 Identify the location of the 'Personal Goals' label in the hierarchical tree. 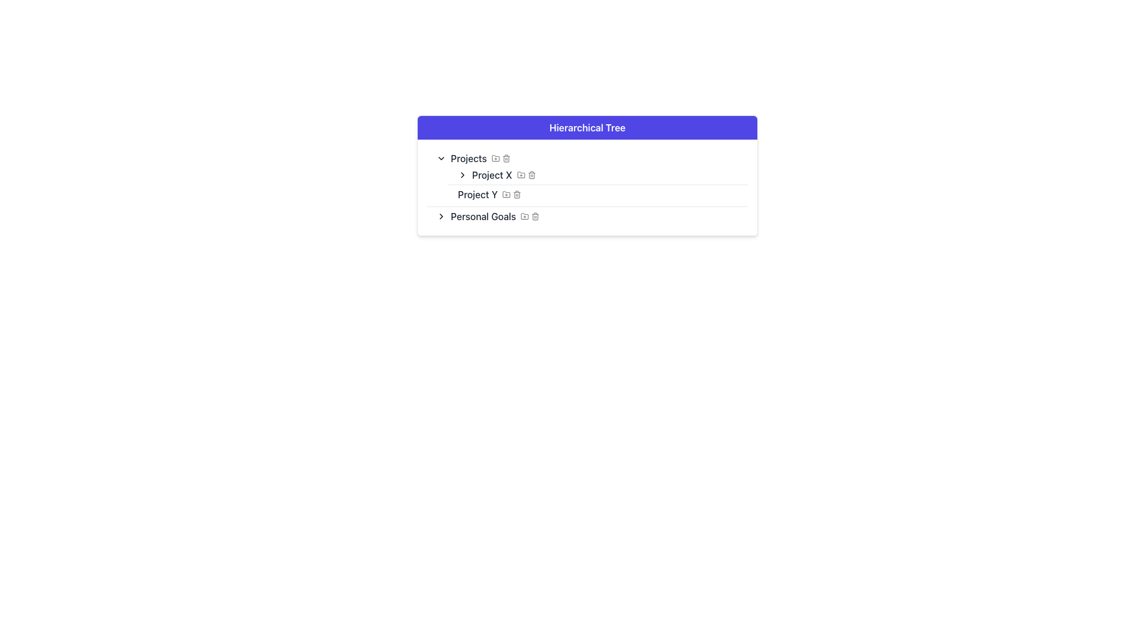
(483, 217).